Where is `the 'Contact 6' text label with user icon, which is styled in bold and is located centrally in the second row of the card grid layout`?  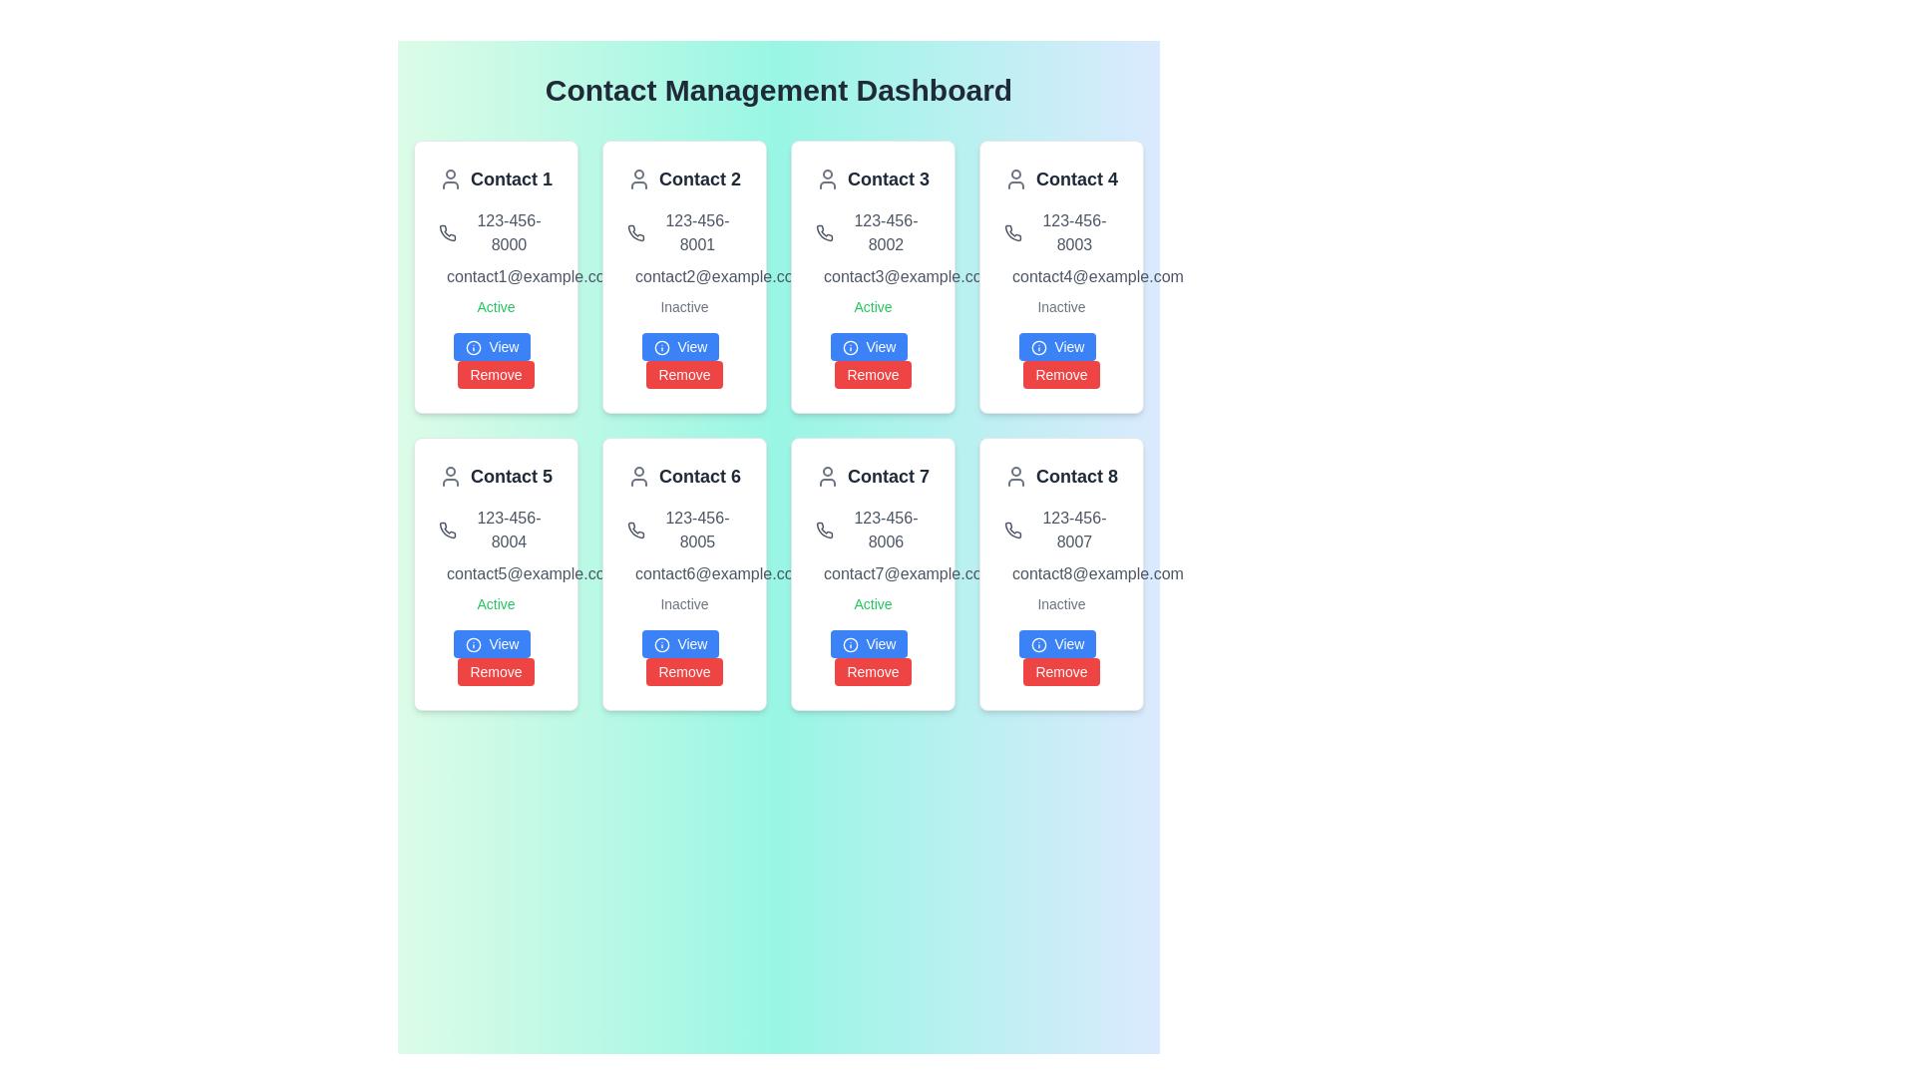
the 'Contact 6' text label with user icon, which is styled in bold and is located centrally in the second row of the card grid layout is located at coordinates (684, 477).